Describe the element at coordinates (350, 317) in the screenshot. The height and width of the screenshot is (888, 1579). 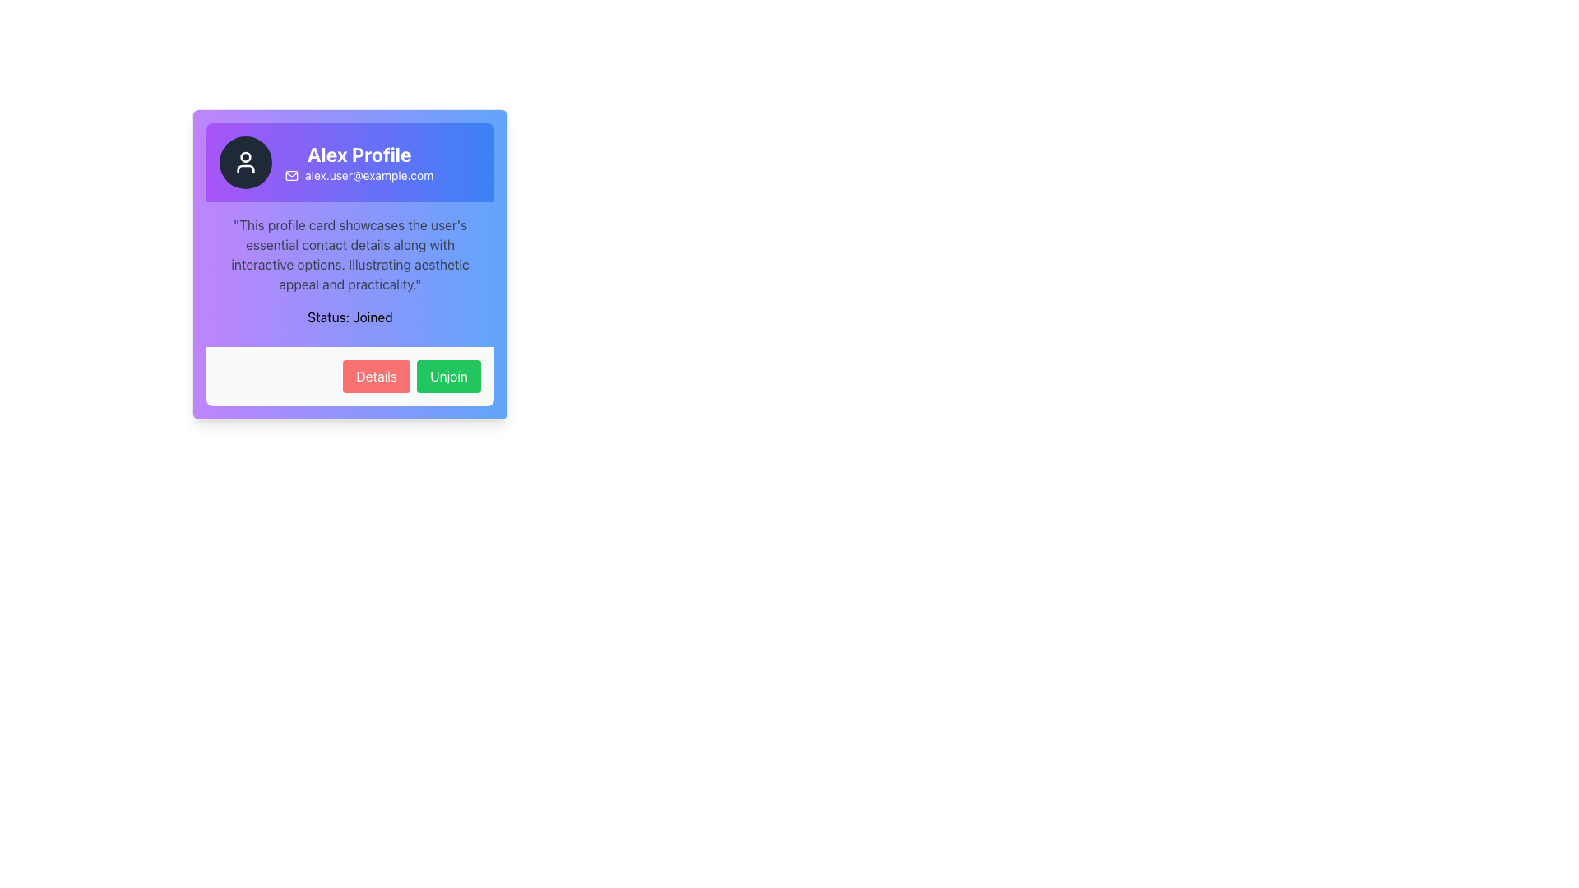
I see `the text label displaying 'Status: Joined', which is highlighted in green and centered within its card structure` at that location.